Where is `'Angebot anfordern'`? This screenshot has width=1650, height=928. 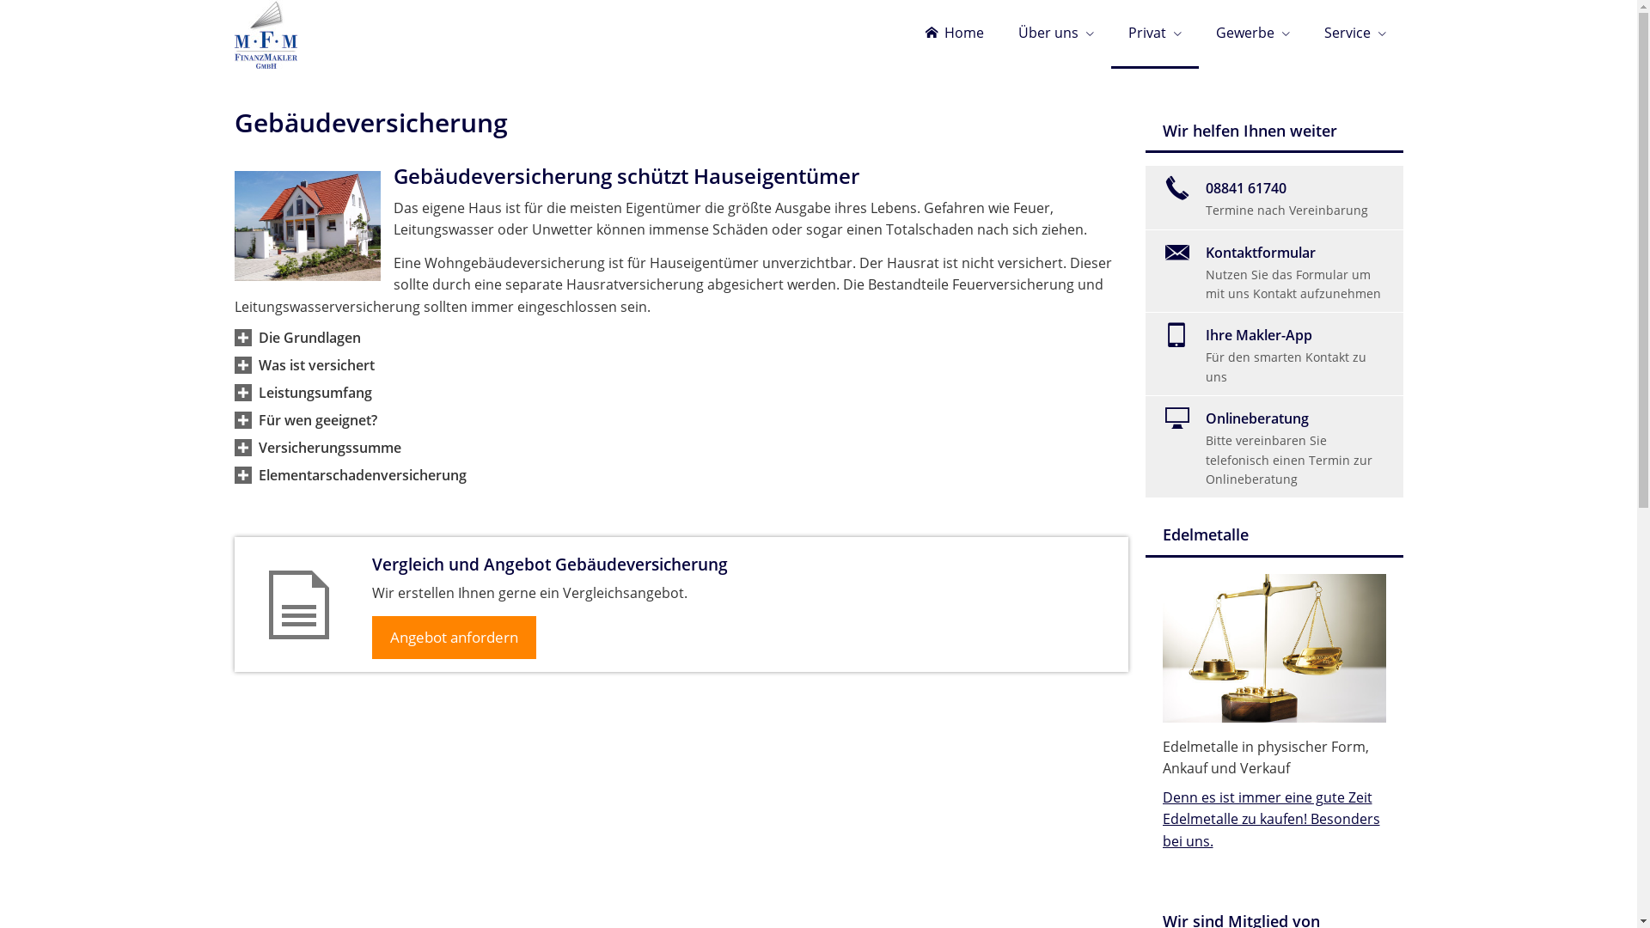 'Angebot anfordern' is located at coordinates (453, 637).